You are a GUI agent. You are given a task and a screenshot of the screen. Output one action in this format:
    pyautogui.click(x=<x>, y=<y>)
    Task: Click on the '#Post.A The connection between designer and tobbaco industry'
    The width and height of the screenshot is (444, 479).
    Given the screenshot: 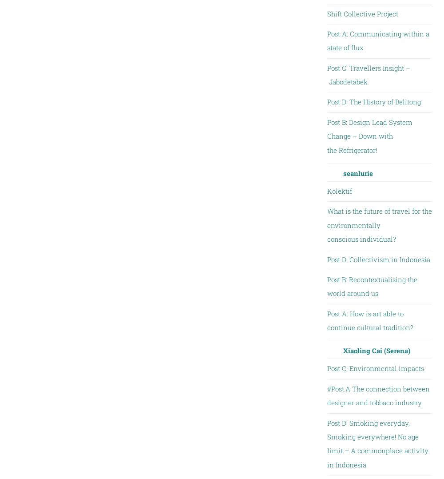 What is the action you would take?
    pyautogui.click(x=377, y=395)
    